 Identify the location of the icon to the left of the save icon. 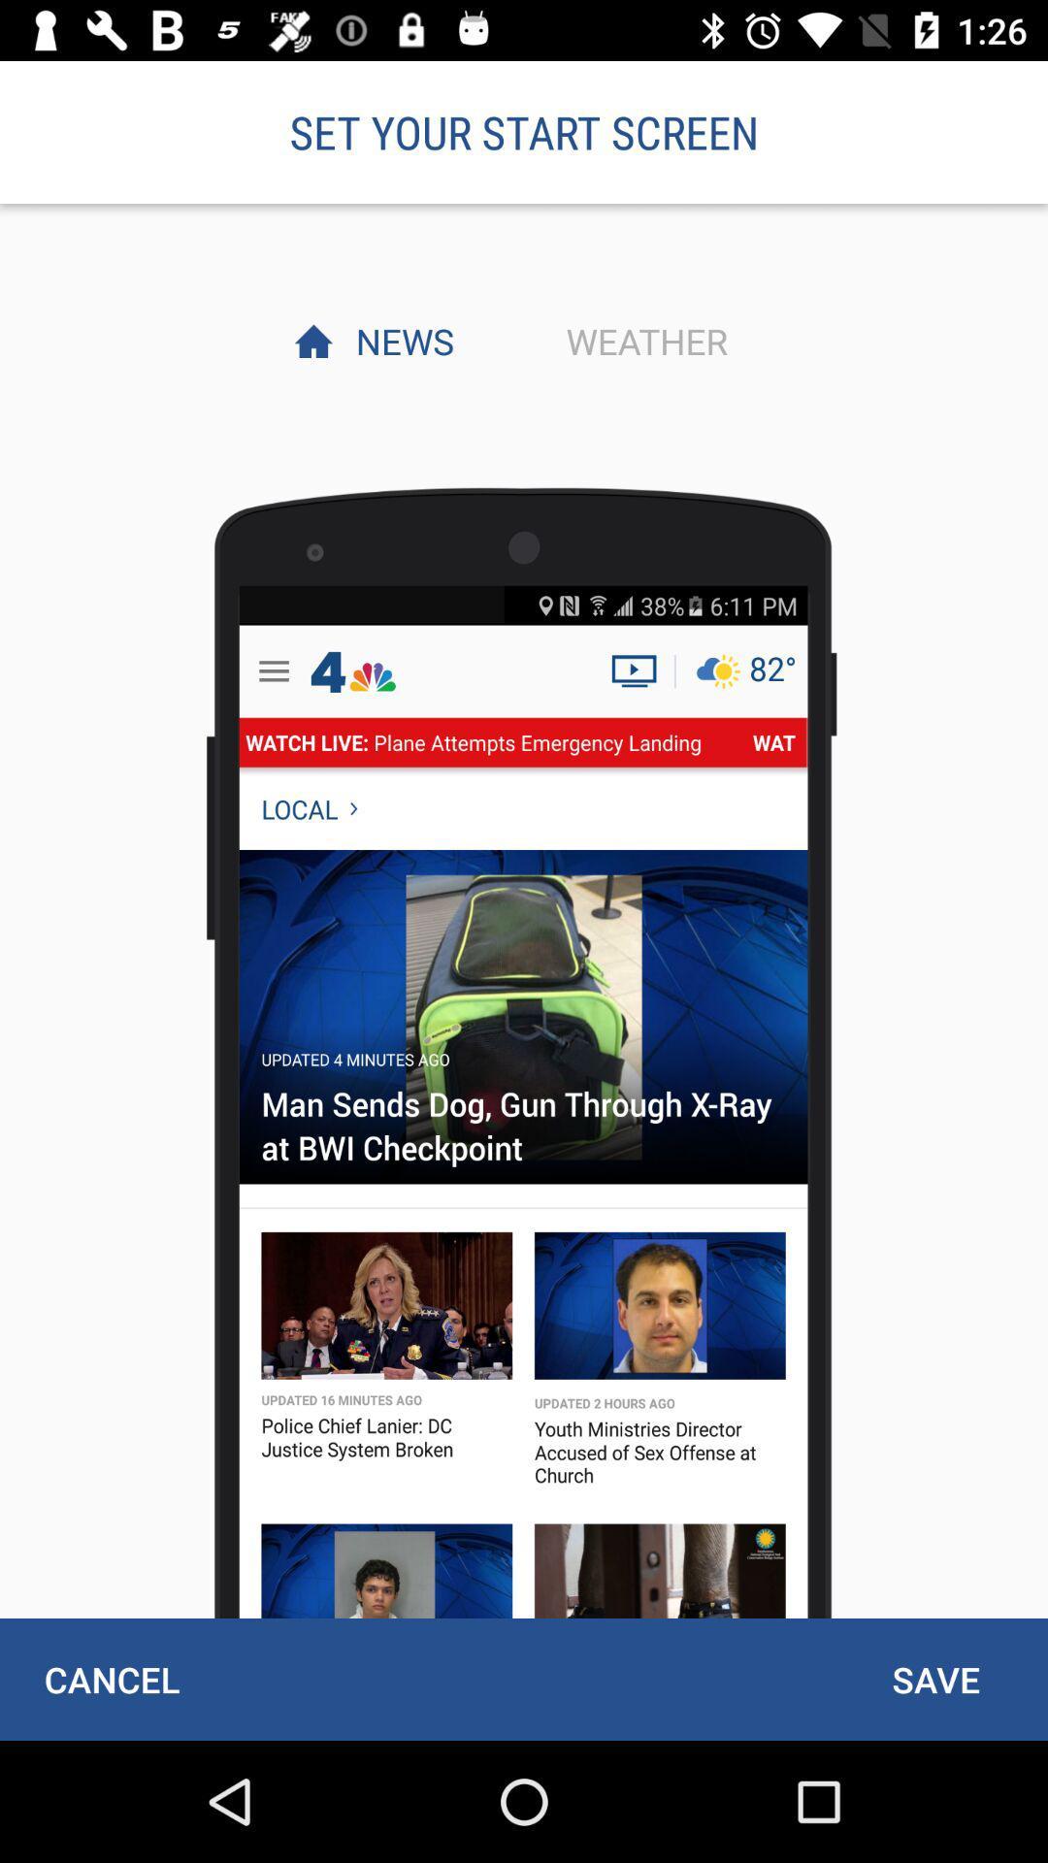
(112, 1679).